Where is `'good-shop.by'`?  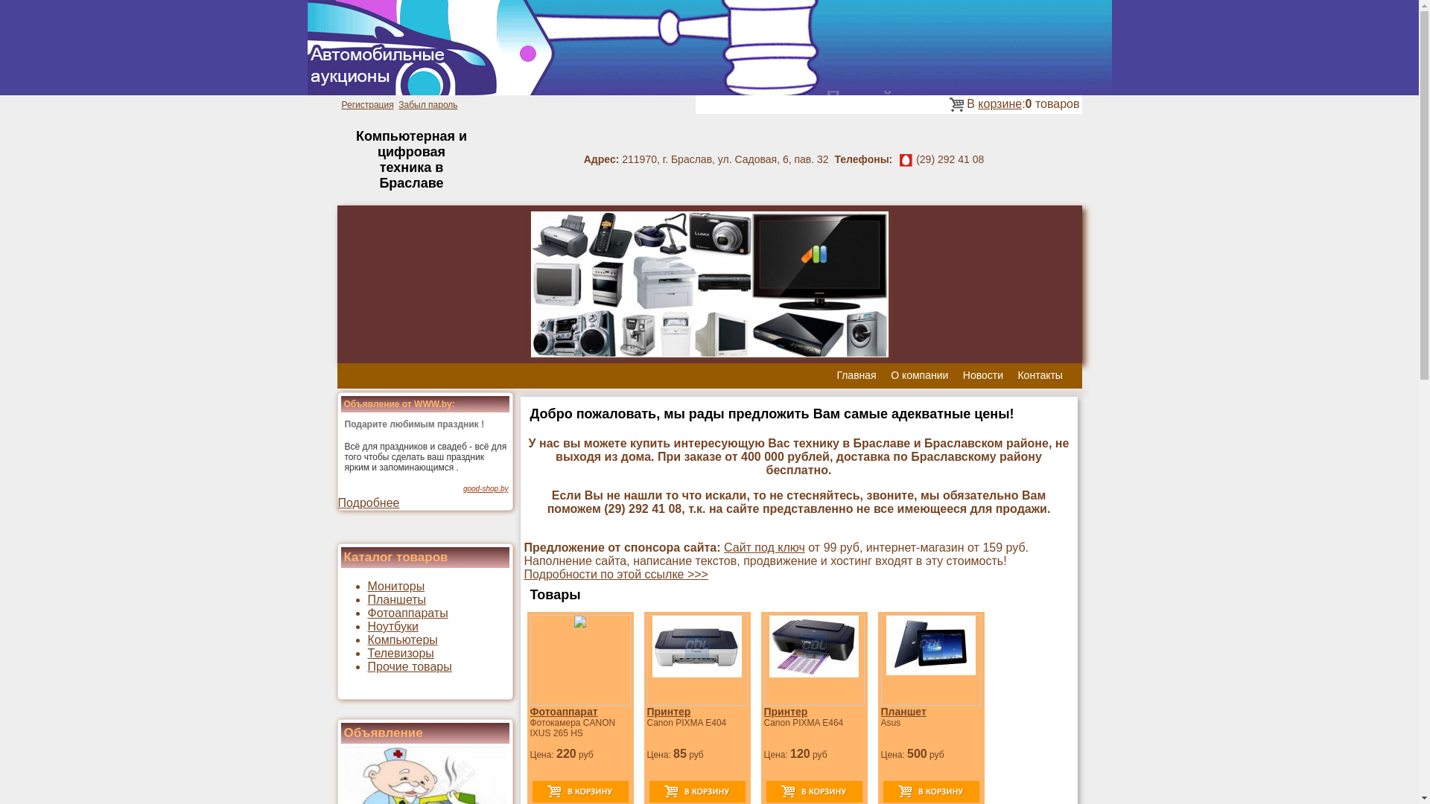 'good-shop.by' is located at coordinates (486, 488).